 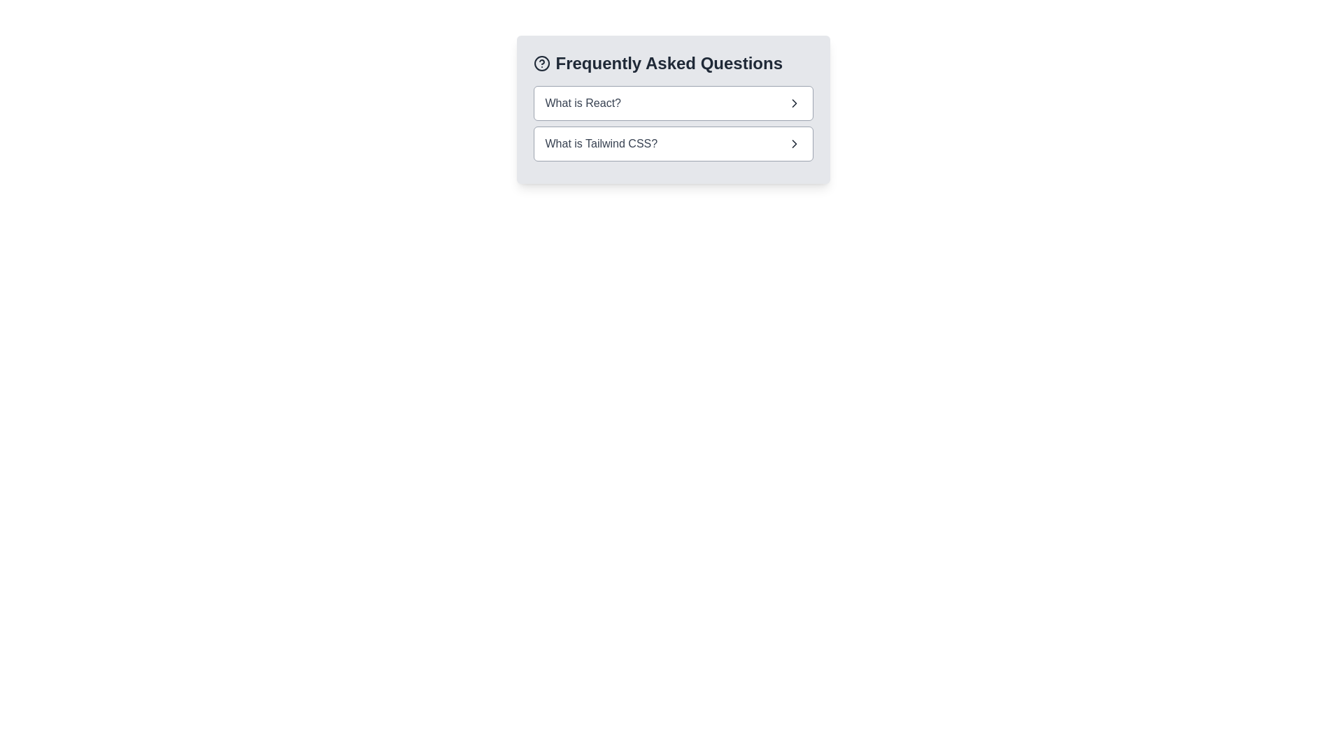 I want to click on text displayed in the Text Label that says 'What is React?', which is styled in gray color and positioned as the title of the first item in a list-like structure, so click(x=583, y=102).